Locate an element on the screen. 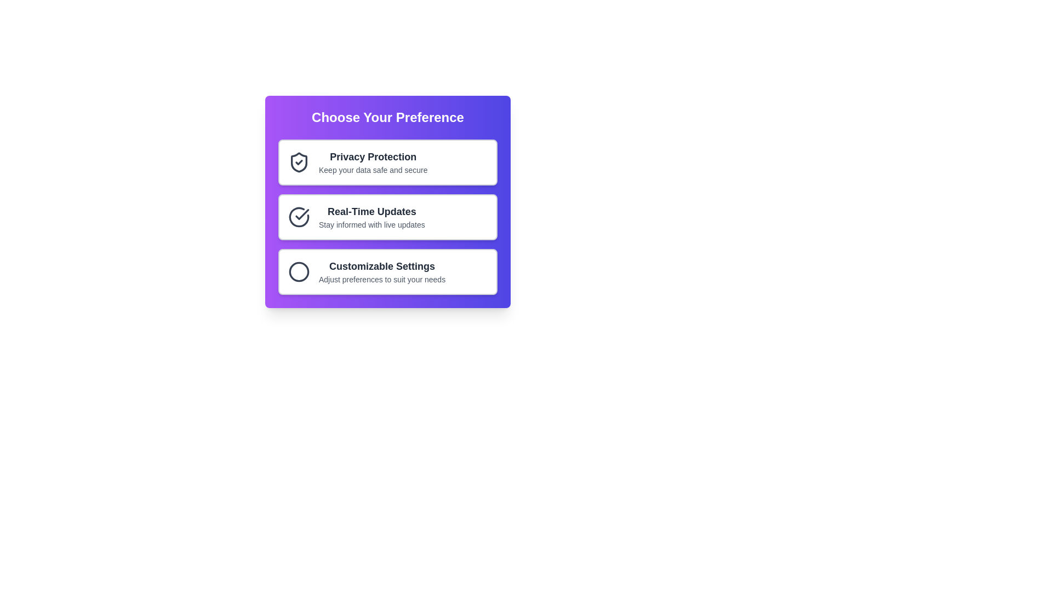 The height and width of the screenshot is (591, 1052). the descriptive text block that conveys information about customizable settings, located at the bottom of the vertical list inside the 'Choose Your Preference' card is located at coordinates (382, 271).